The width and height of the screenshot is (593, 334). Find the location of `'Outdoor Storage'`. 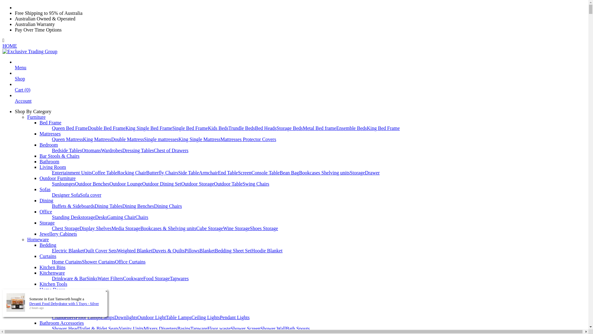

'Outdoor Storage' is located at coordinates (197, 183).